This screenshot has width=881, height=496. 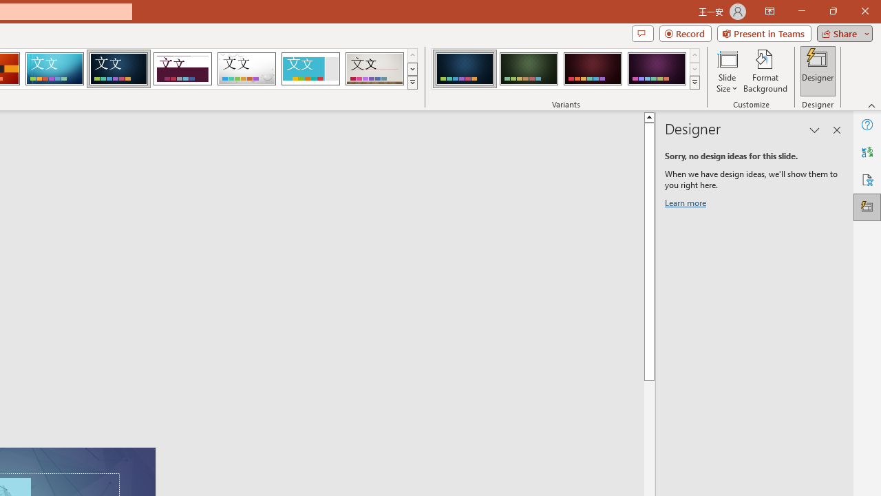 What do you see at coordinates (54, 69) in the screenshot?
I see `'Circuit'` at bounding box center [54, 69].